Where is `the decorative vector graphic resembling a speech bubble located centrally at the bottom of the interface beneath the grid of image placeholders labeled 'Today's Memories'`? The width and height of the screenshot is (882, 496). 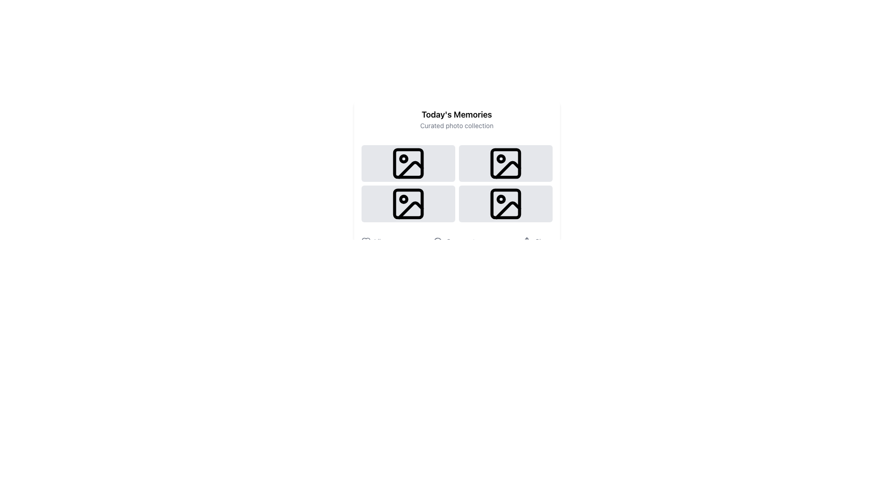 the decorative vector graphic resembling a speech bubble located centrally at the bottom of the interface beneath the grid of image placeholders labeled 'Today's Memories' is located at coordinates (437, 241).